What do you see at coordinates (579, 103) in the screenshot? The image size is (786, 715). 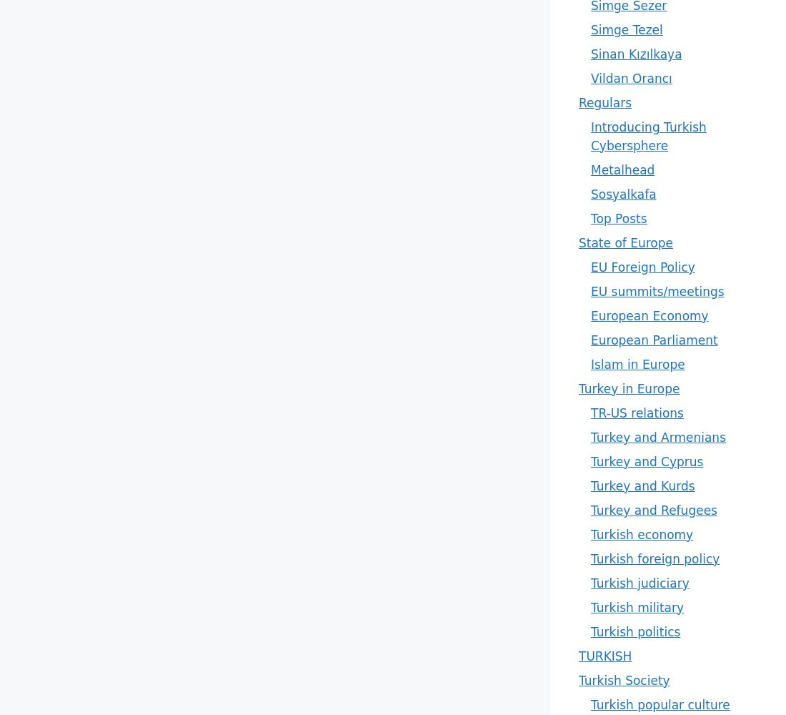 I see `'Regulars'` at bounding box center [579, 103].